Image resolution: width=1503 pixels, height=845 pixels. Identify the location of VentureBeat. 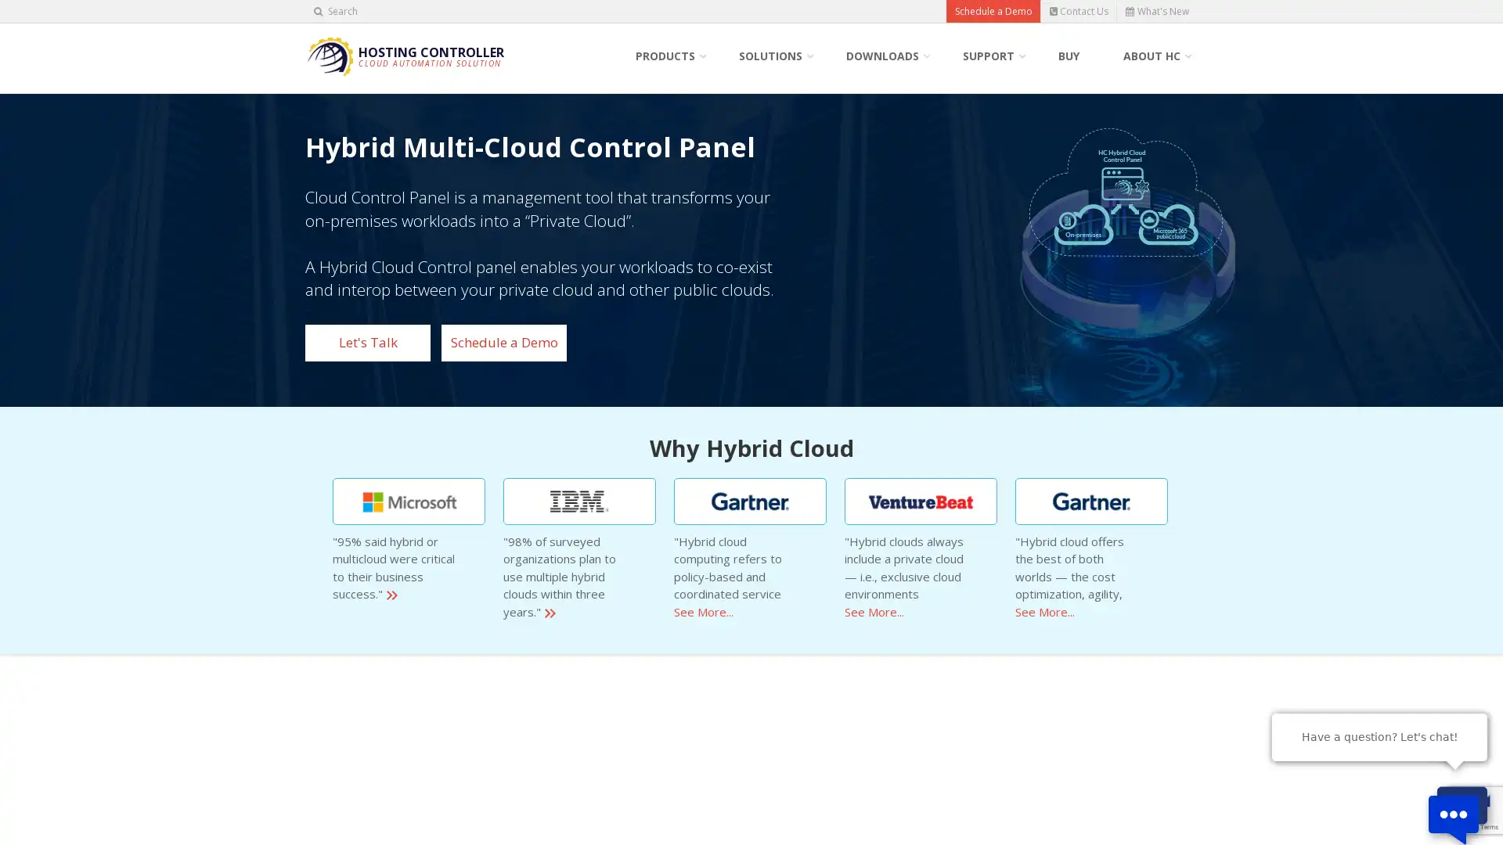
(921, 501).